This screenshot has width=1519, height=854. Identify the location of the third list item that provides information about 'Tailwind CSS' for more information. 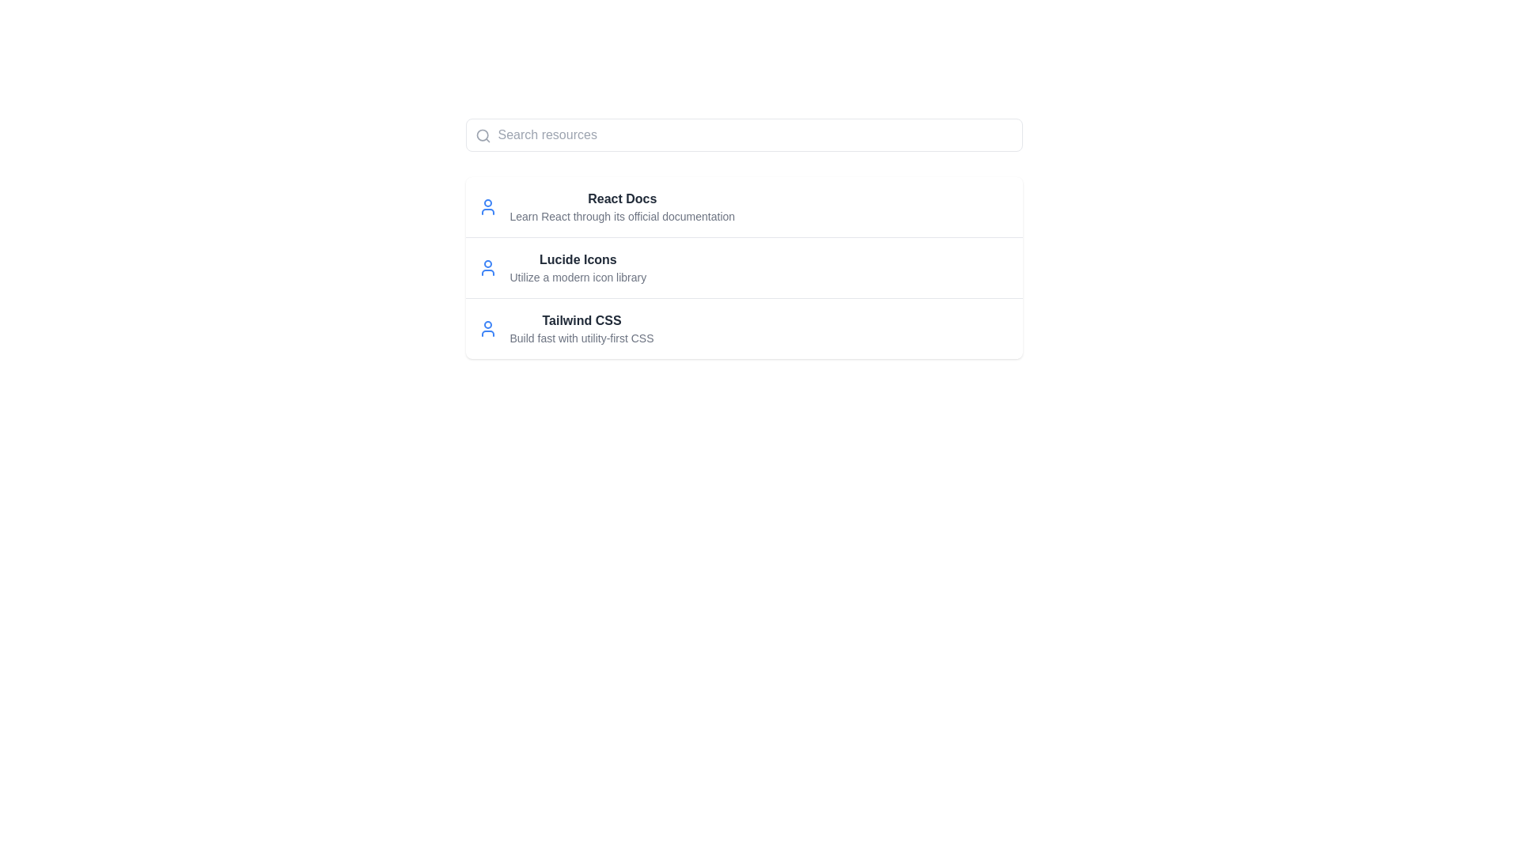
(743, 327).